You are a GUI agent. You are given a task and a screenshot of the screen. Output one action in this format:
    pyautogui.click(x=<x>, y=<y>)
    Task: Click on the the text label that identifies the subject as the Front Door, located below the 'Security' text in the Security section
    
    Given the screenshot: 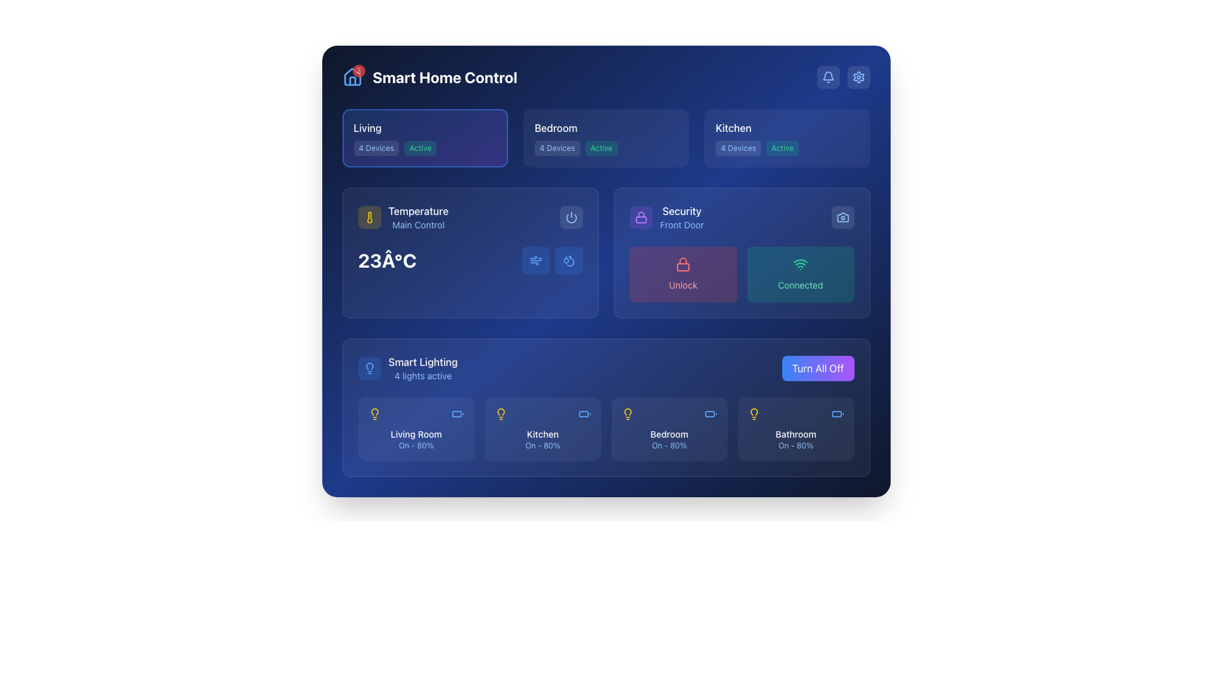 What is the action you would take?
    pyautogui.click(x=681, y=224)
    